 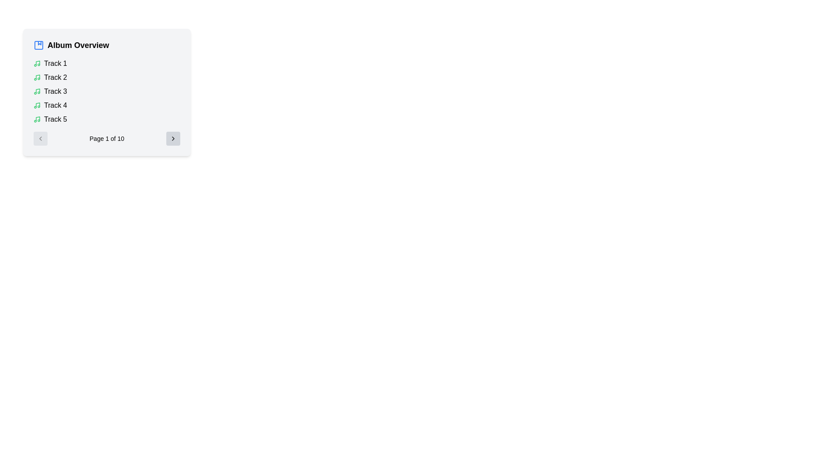 I want to click on the Icon representing the musical track 'Track 4', which is located to the left of the text in the fourth row of the album track list, so click(x=37, y=105).